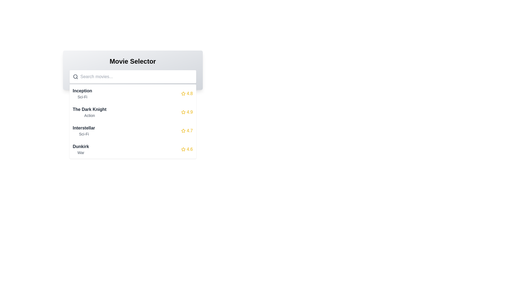 Image resolution: width=524 pixels, height=295 pixels. Describe the element at coordinates (183, 112) in the screenshot. I see `the star icon representing the movie rating for 'The Dark Knight' which indicates a rating of 4.9` at that location.